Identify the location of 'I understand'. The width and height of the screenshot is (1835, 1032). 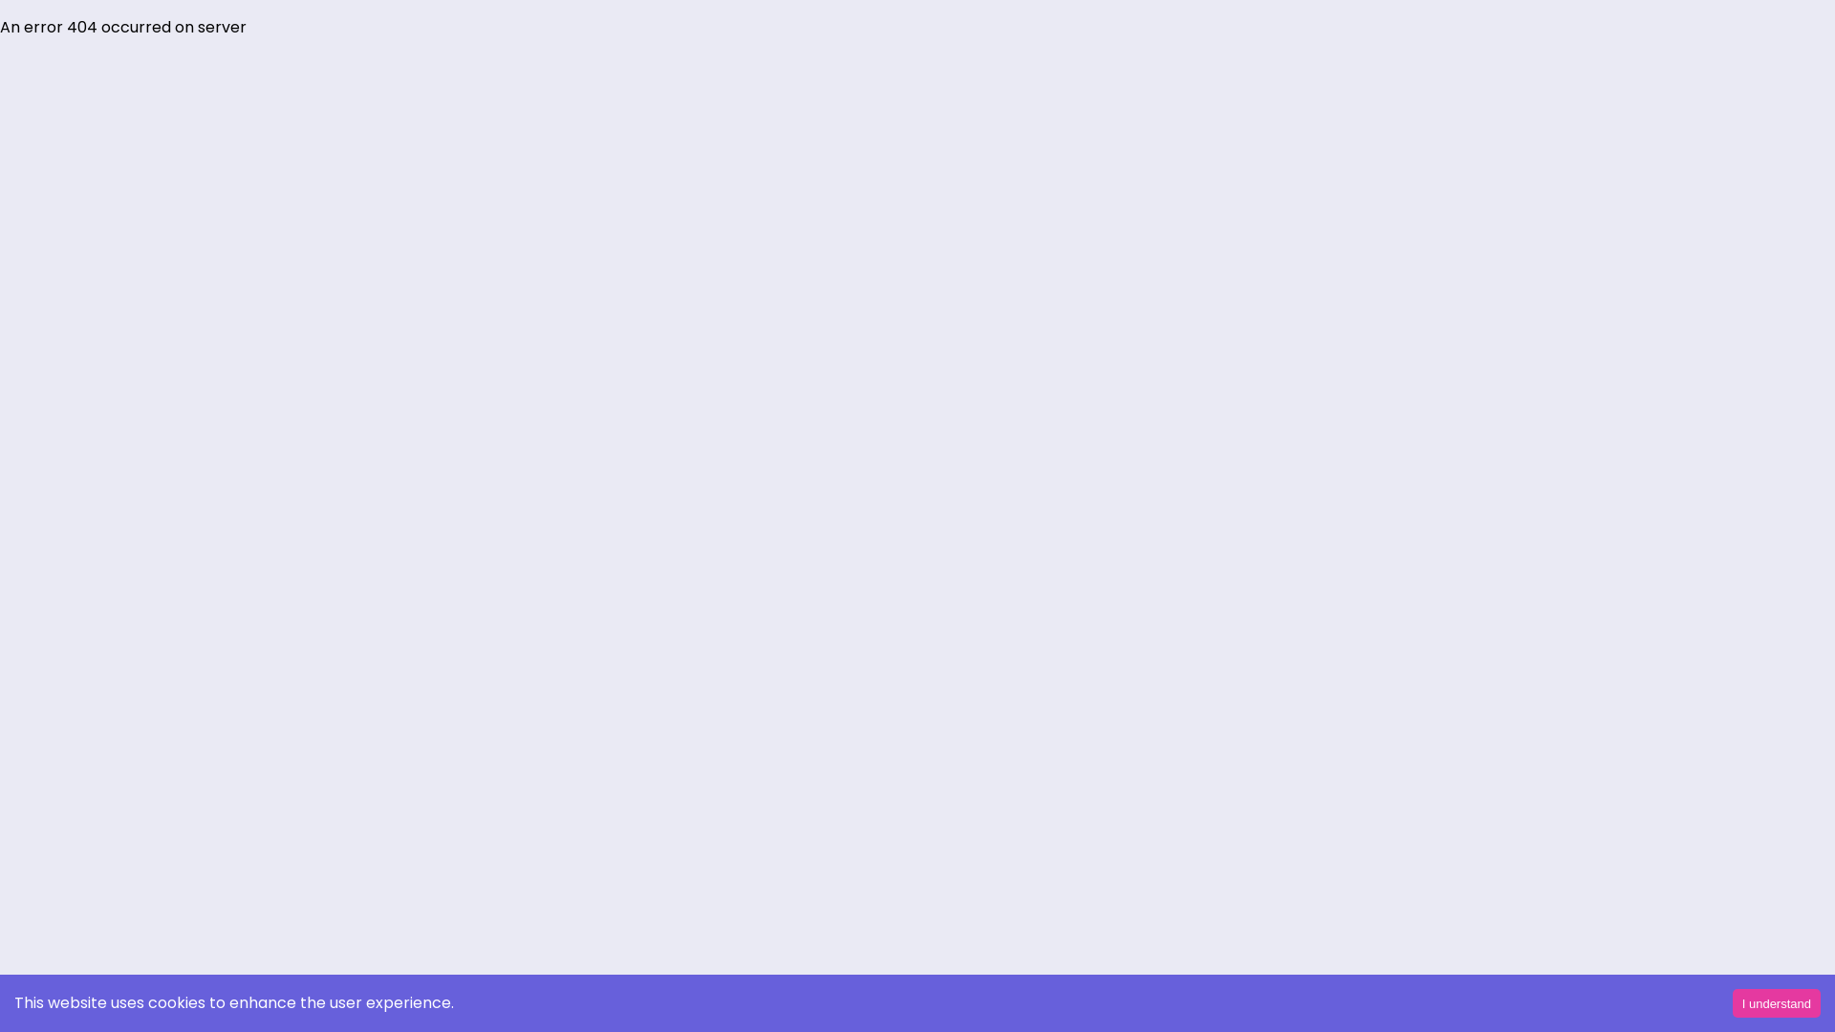
(1775, 1001).